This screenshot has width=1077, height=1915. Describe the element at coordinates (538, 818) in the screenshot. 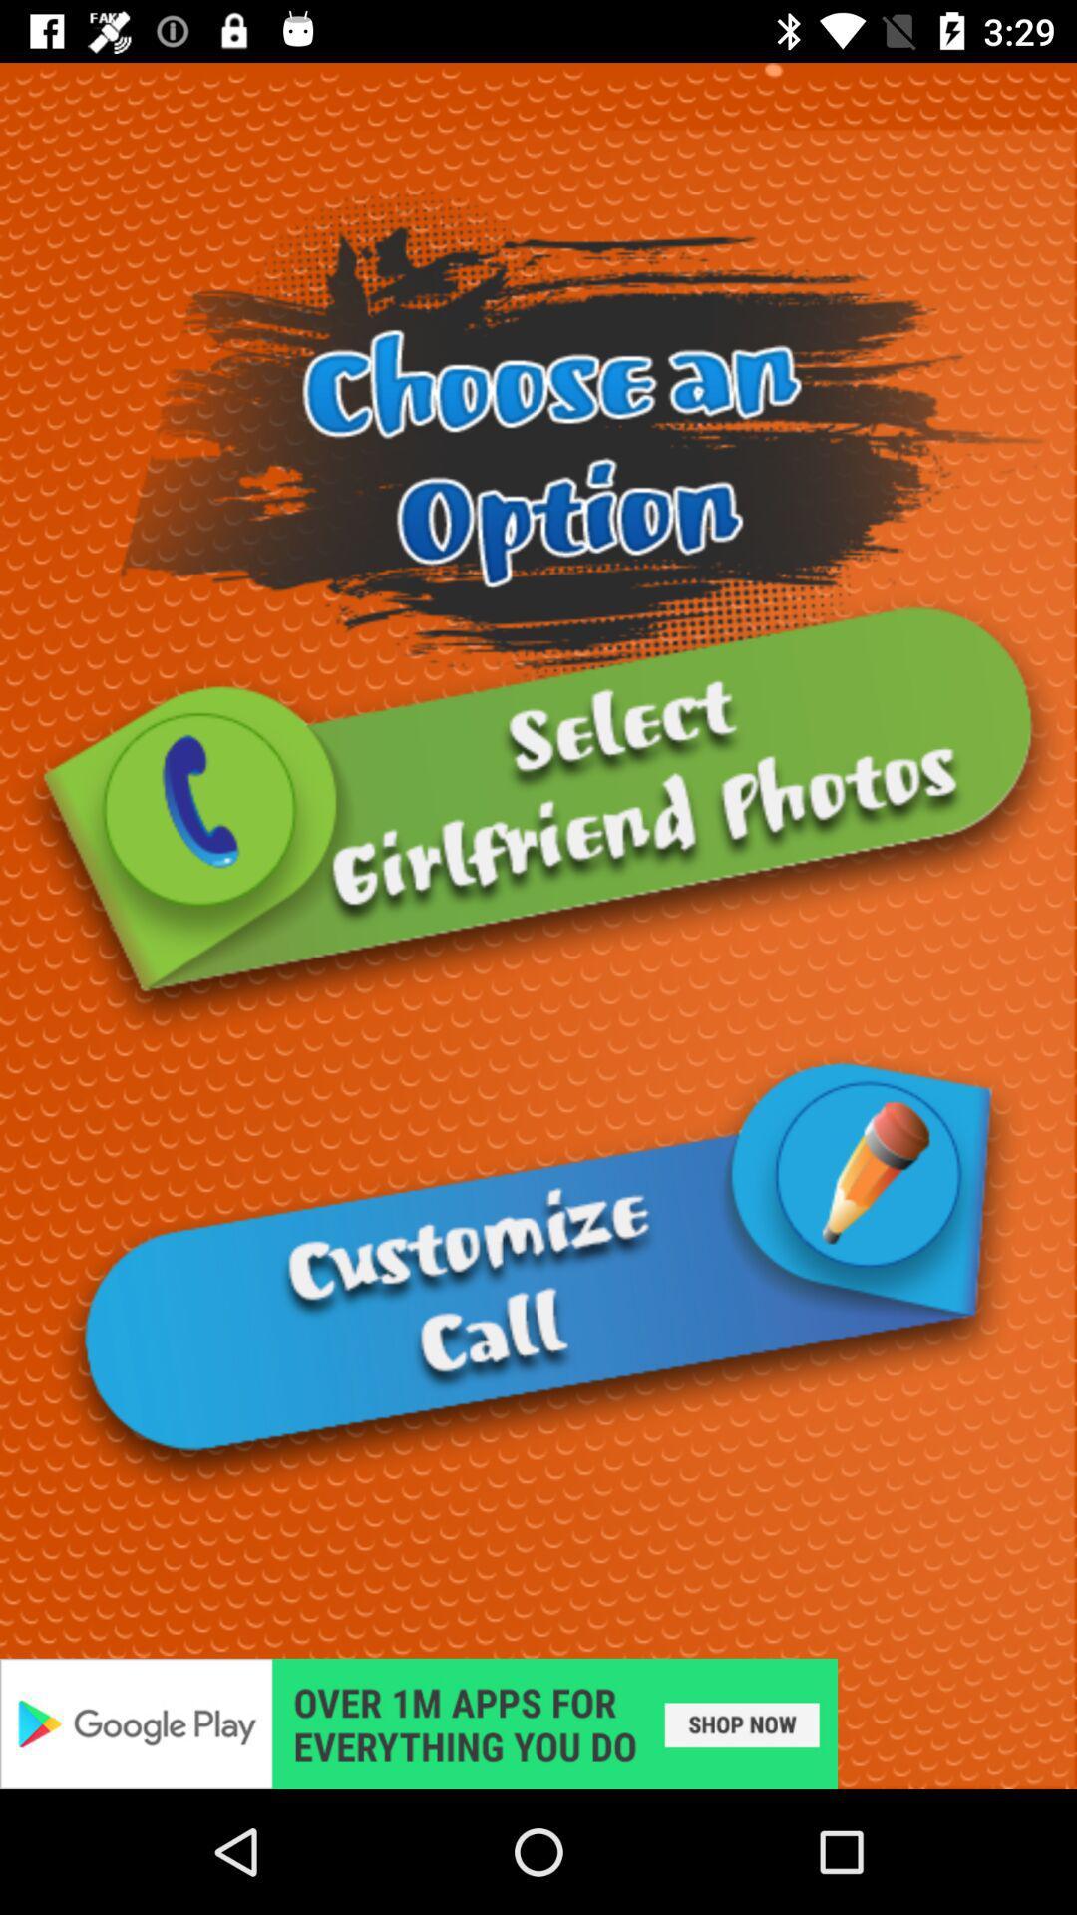

I see `photos` at that location.